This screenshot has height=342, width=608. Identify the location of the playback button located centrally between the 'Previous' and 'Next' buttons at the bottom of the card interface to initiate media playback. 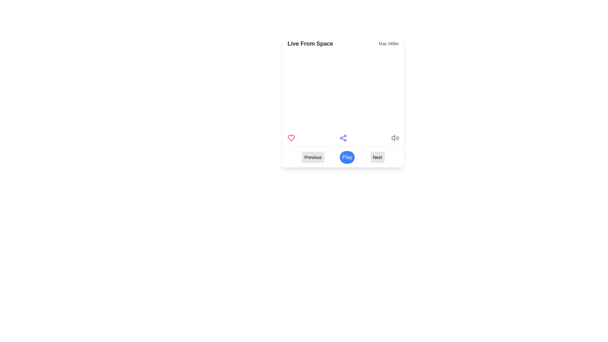
(343, 157).